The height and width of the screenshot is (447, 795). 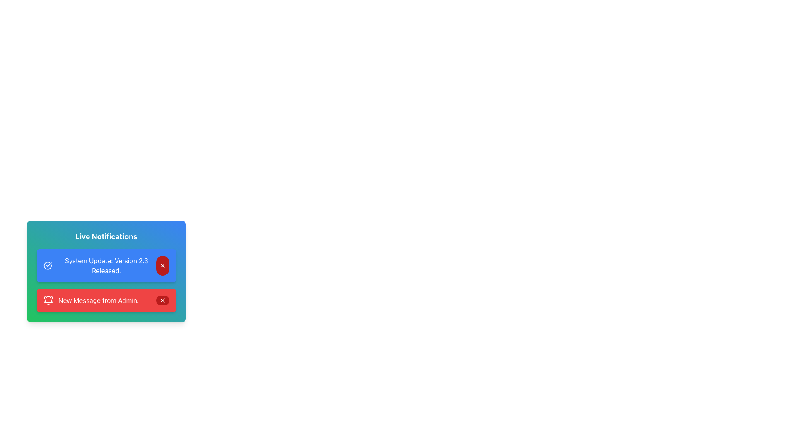 I want to click on the bell icon with sound waves on the left side of the red notification bar, so click(x=48, y=300).